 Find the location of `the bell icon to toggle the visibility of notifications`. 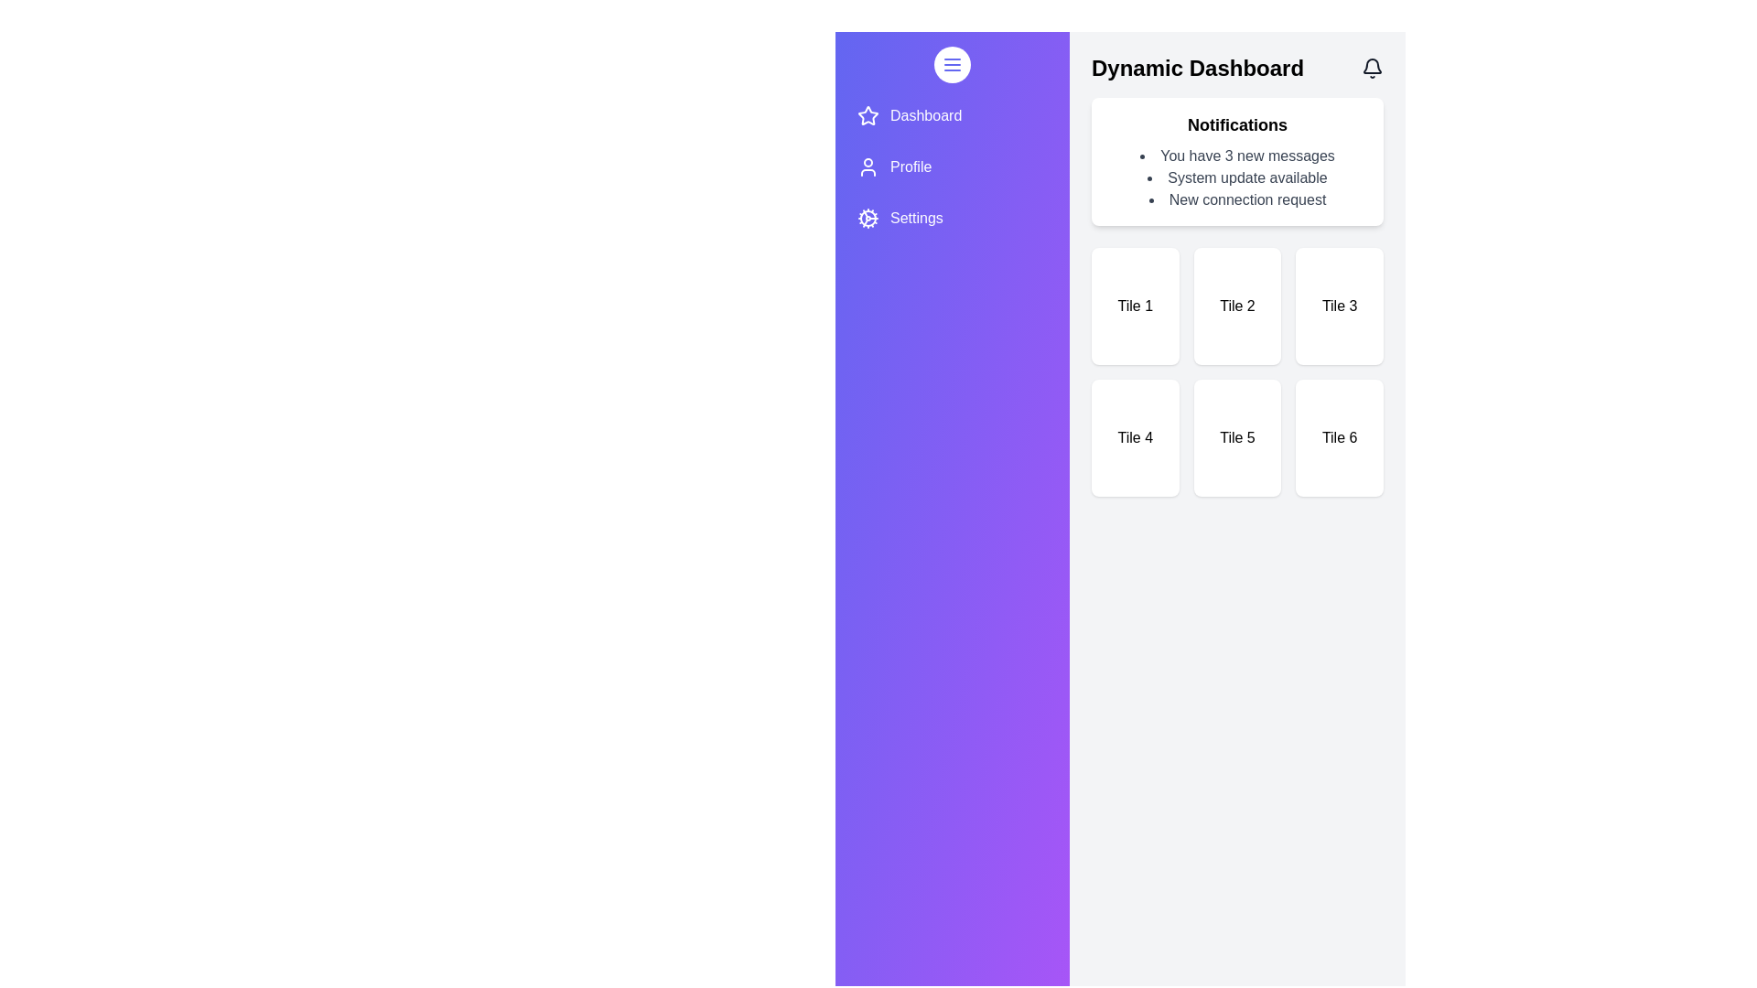

the bell icon to toggle the visibility of notifications is located at coordinates (1372, 67).